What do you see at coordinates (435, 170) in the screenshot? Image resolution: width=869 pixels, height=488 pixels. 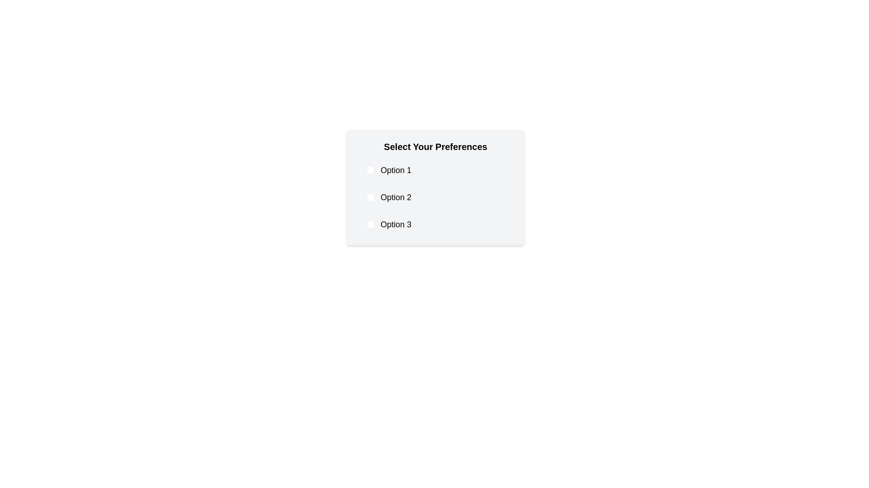 I see `the radio button labeled 'Option 1'` at bounding box center [435, 170].